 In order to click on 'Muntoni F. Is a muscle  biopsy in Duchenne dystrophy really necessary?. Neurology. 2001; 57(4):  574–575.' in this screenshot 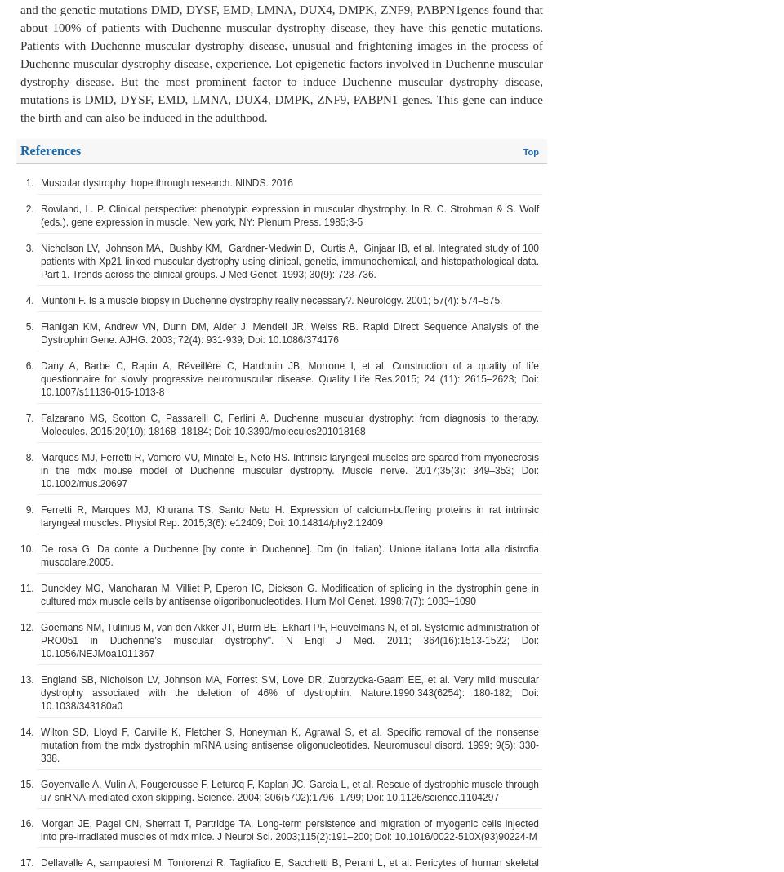, I will do `click(271, 300)`.